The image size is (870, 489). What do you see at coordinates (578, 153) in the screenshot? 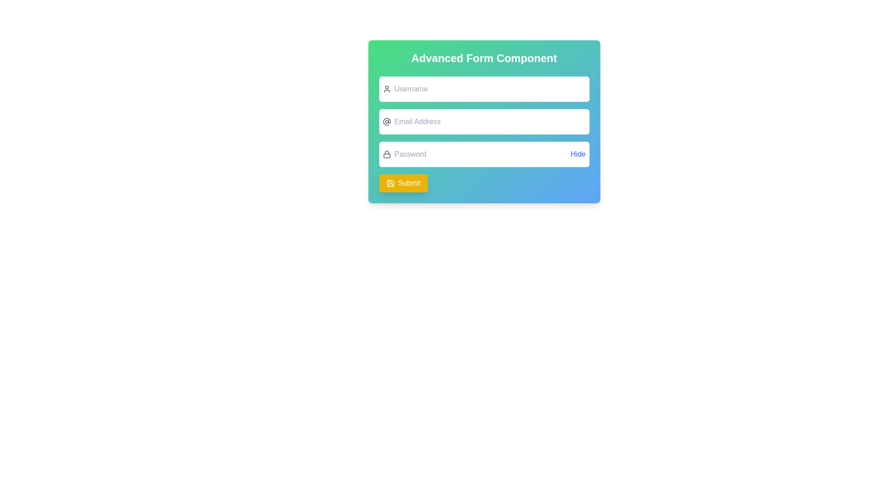
I see `the 'Hide' button styled with a blue font` at bounding box center [578, 153].